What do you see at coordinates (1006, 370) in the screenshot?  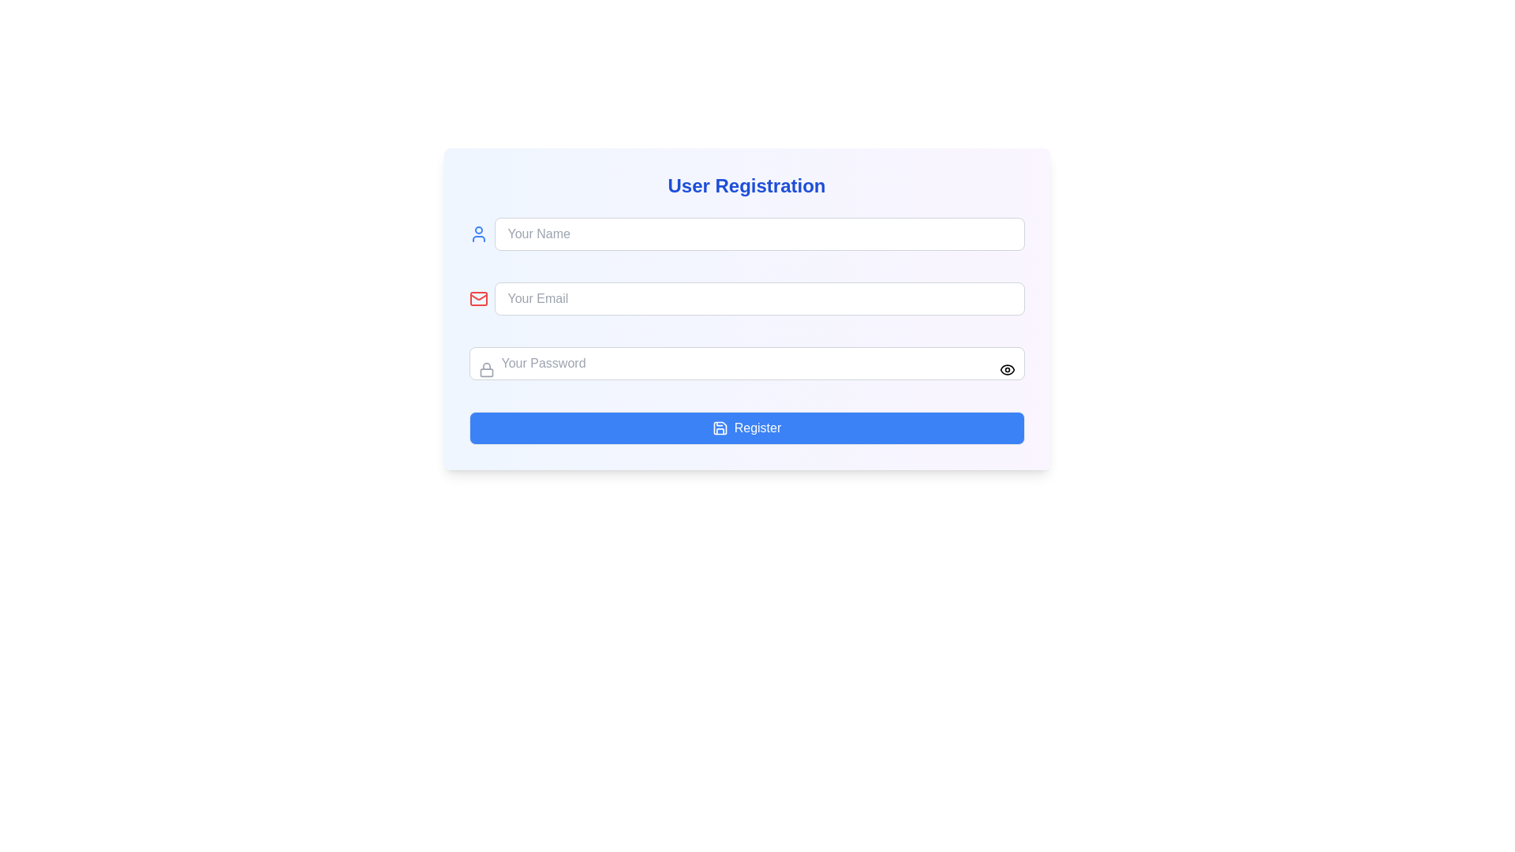 I see `the outer arc of the eye icon that suggests toggling the visibility of the password input, located near the right edge of the password field on the registration form` at bounding box center [1006, 370].